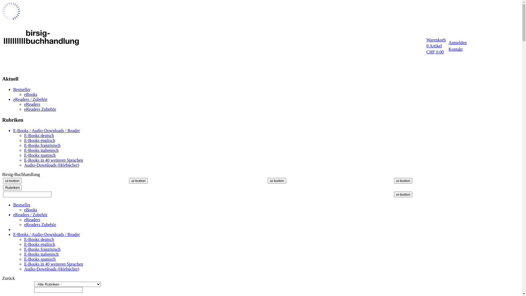 Image resolution: width=526 pixels, height=296 pixels. Describe the element at coordinates (22, 89) in the screenshot. I see `'Bestseller'` at that location.